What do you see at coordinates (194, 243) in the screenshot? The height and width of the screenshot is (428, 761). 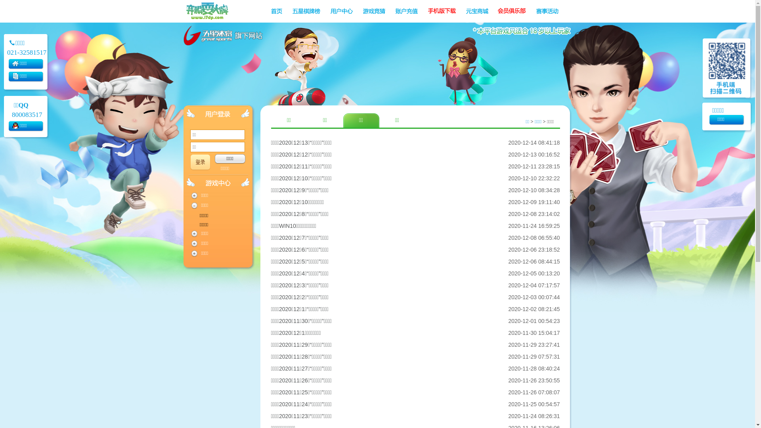 I see `'+'` at bounding box center [194, 243].